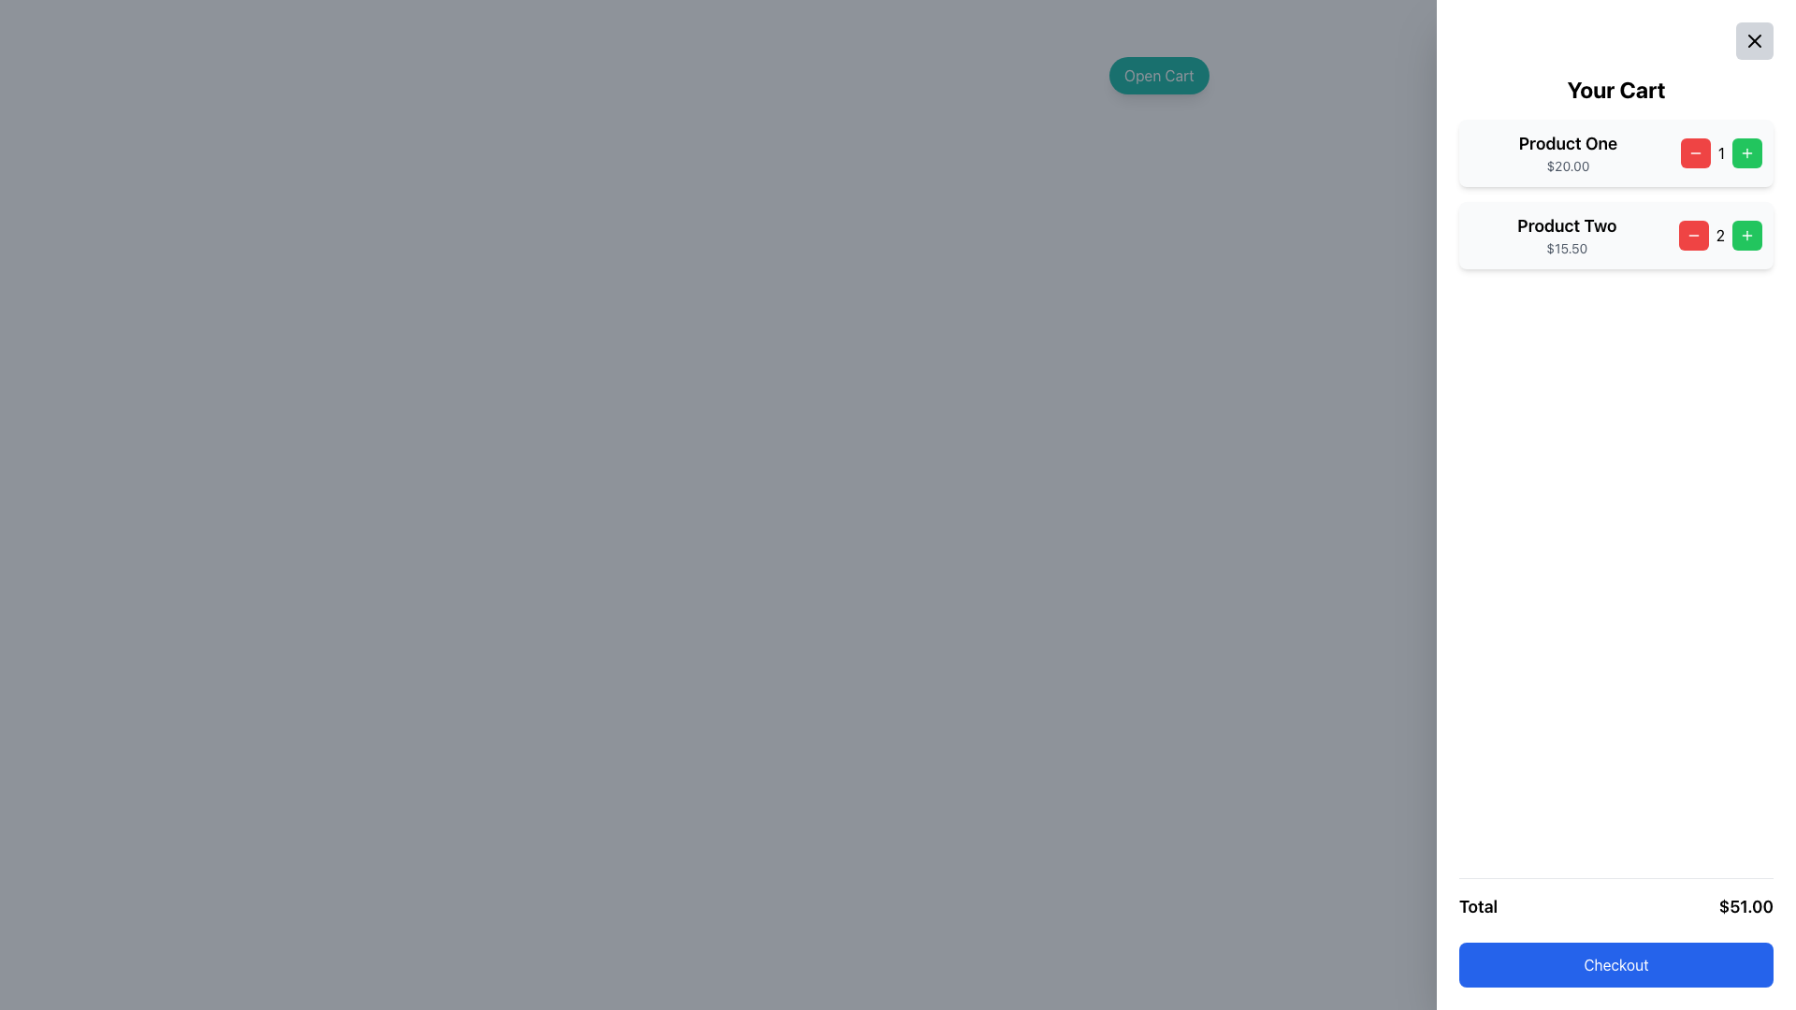 The width and height of the screenshot is (1796, 1010). Describe the element at coordinates (1567, 248) in the screenshot. I see `the Price label displaying the price '$15.50', which is located below the product name 'Product Two' in the cart interface` at that location.